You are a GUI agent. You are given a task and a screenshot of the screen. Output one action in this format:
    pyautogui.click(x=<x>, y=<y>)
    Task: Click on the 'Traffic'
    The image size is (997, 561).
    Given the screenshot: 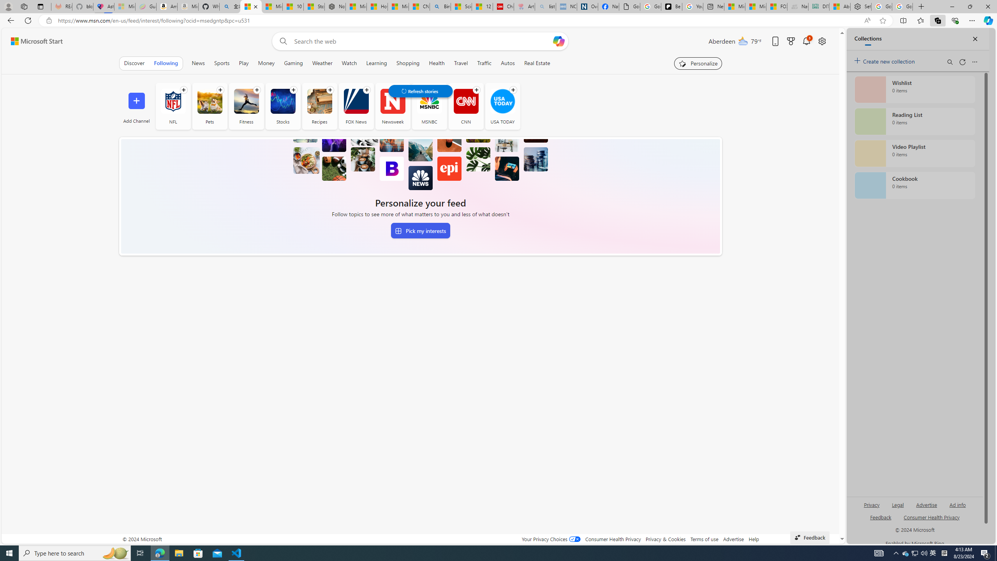 What is the action you would take?
    pyautogui.click(x=484, y=63)
    